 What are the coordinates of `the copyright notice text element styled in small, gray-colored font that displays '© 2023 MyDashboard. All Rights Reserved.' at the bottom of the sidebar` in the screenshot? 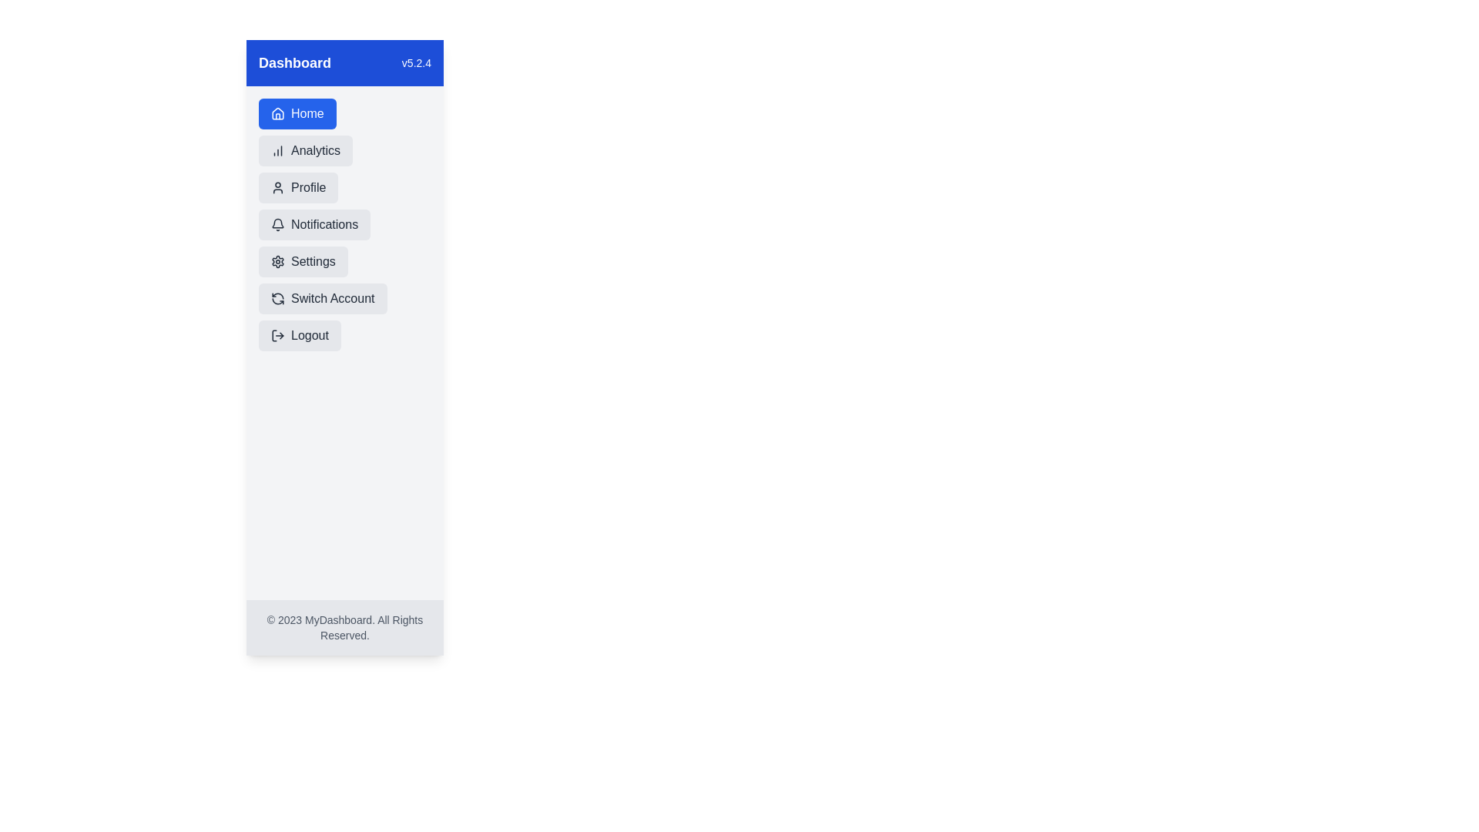 It's located at (344, 627).